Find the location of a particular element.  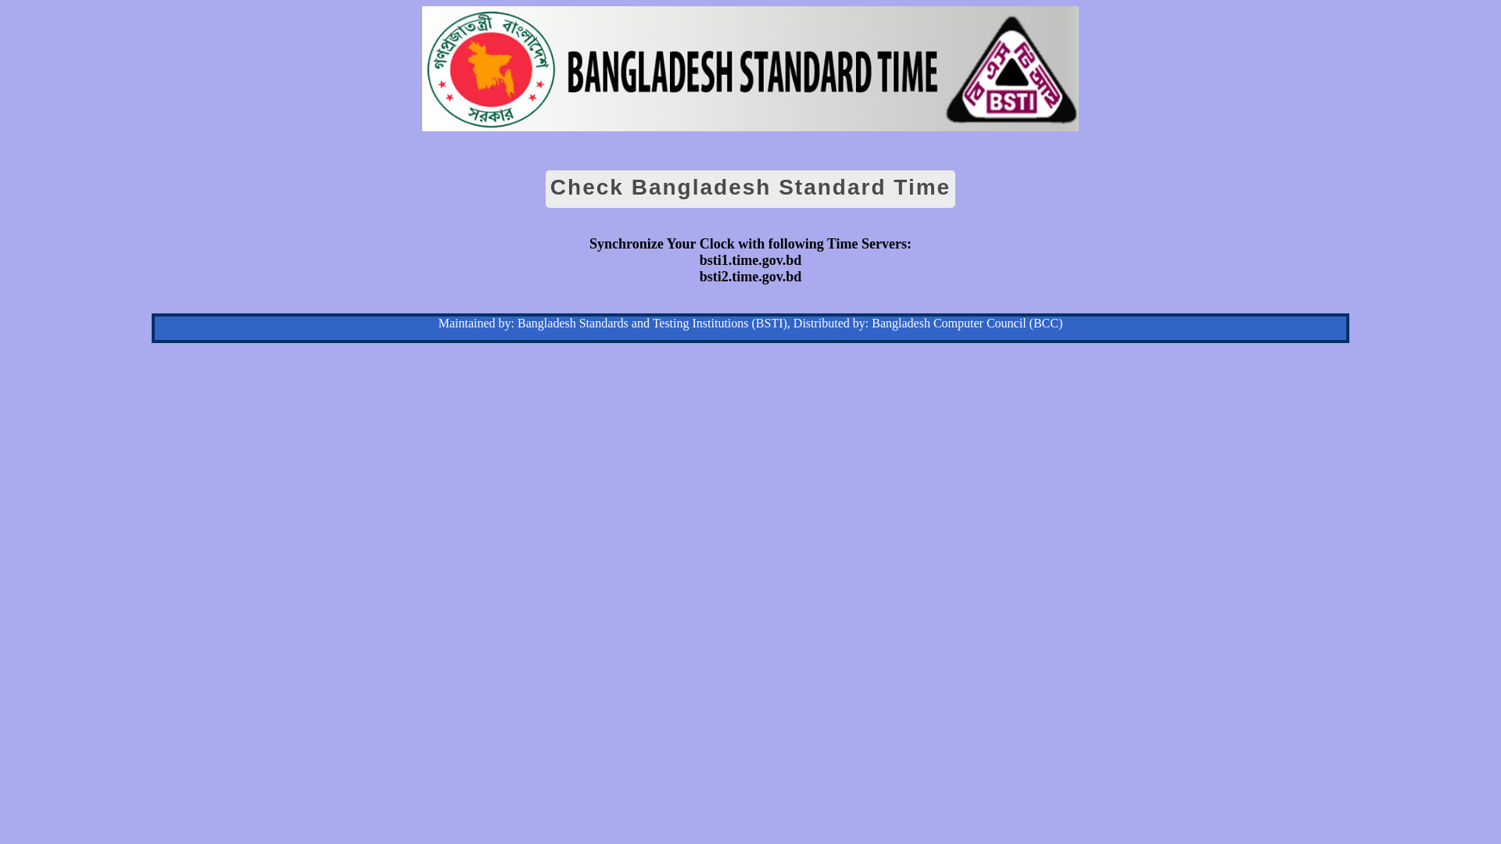

'Check Bangladesh Standard Time' is located at coordinates (750, 188).